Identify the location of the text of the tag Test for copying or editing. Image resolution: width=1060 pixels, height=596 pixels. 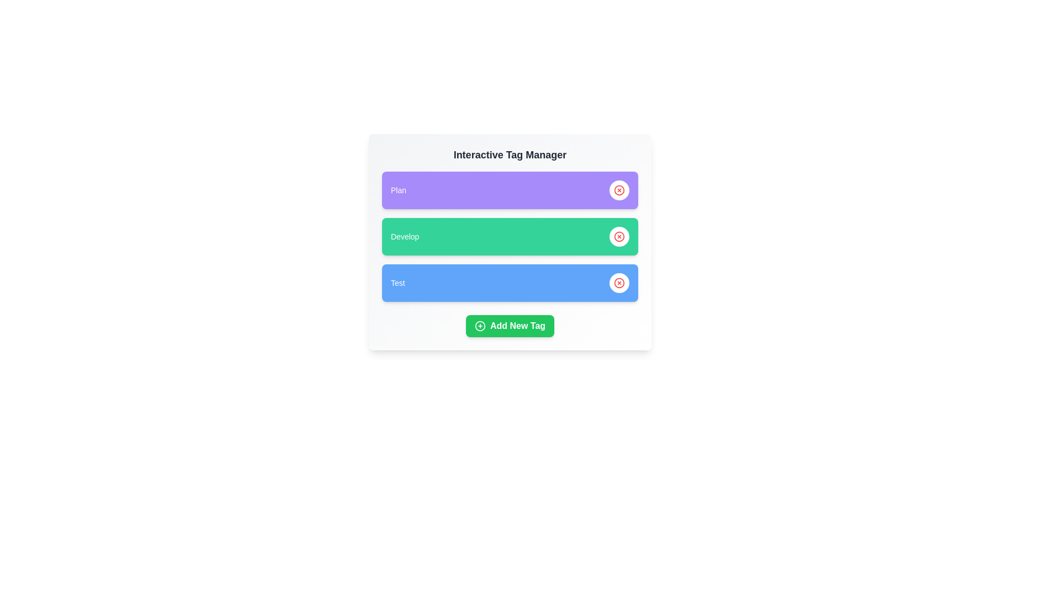
(397, 283).